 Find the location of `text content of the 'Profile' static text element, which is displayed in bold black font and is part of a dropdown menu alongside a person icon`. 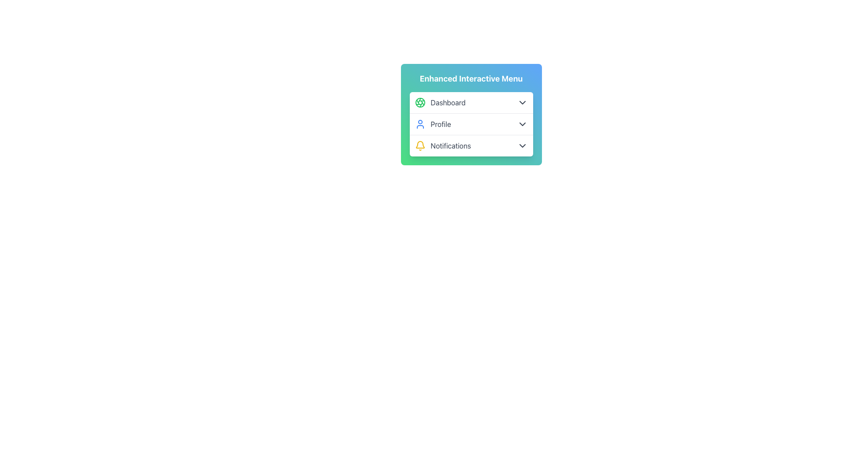

text content of the 'Profile' static text element, which is displayed in bold black font and is part of a dropdown menu alongside a person icon is located at coordinates (441, 124).